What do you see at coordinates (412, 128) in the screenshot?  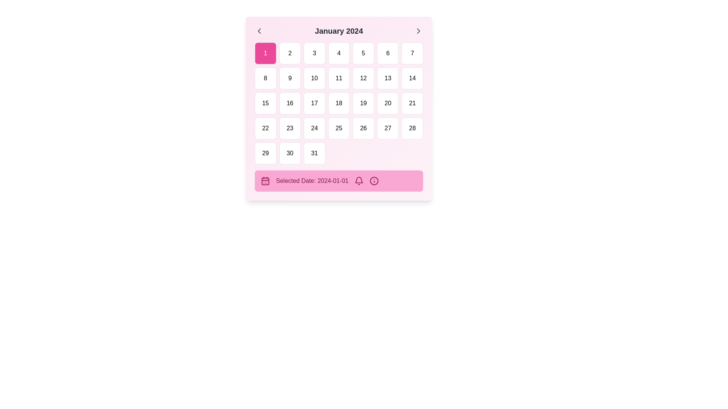 I see `the calendar day button displaying the number '28' for keyboard navigation` at bounding box center [412, 128].